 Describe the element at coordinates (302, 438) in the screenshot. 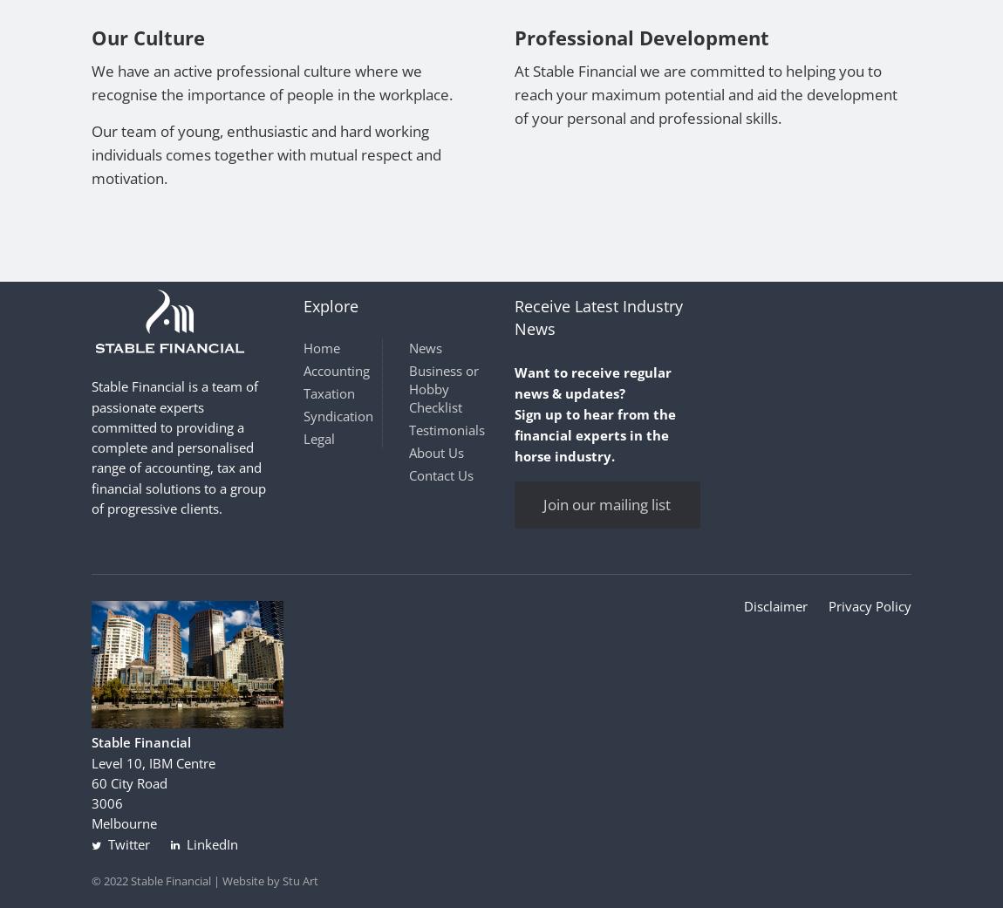

I see `'Legal'` at that location.